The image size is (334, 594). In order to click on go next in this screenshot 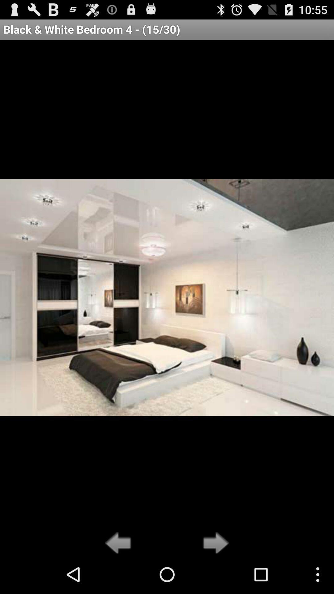, I will do `click(214, 543)`.